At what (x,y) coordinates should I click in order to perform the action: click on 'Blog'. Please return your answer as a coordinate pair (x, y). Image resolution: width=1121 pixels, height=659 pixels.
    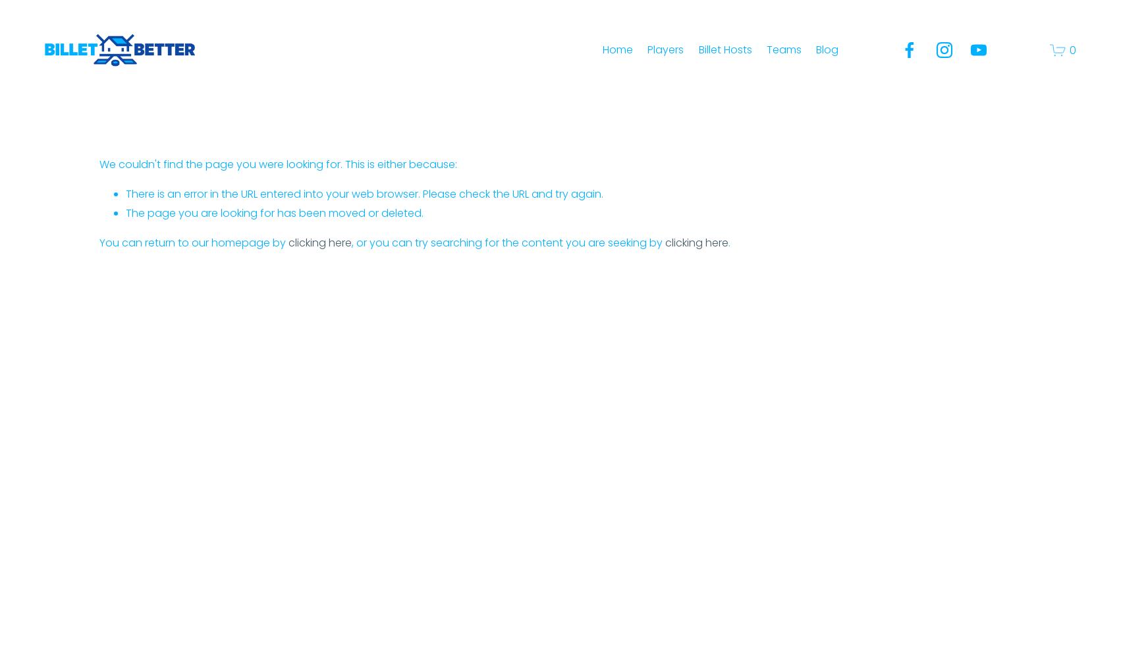
    Looking at the image, I should click on (827, 48).